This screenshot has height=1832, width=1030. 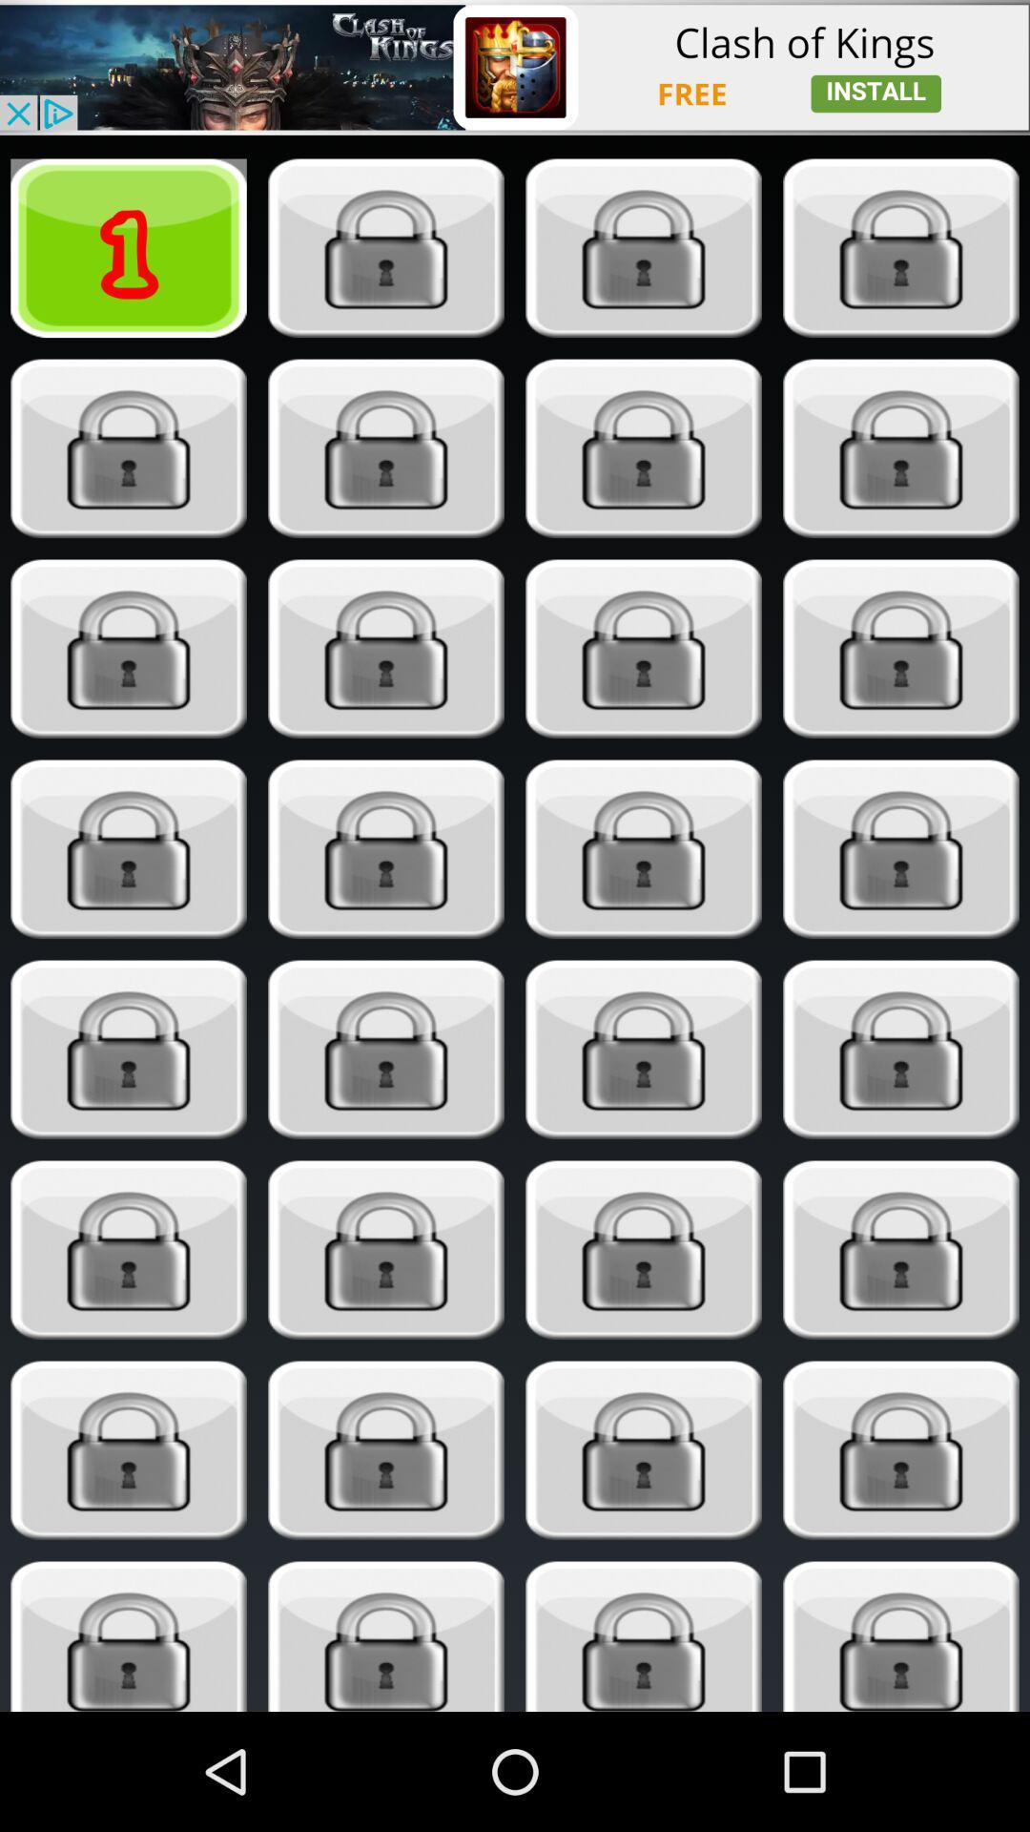 I want to click on unlock item, so click(x=901, y=1049).